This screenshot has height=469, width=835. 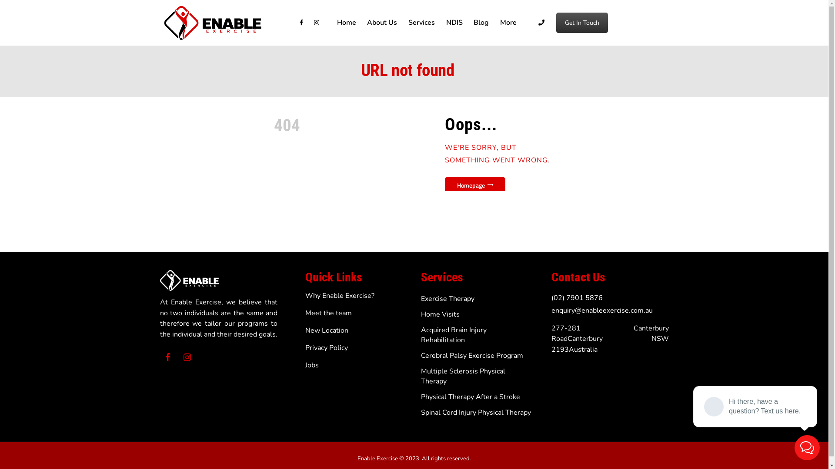 I want to click on 'New Location', so click(x=326, y=330).